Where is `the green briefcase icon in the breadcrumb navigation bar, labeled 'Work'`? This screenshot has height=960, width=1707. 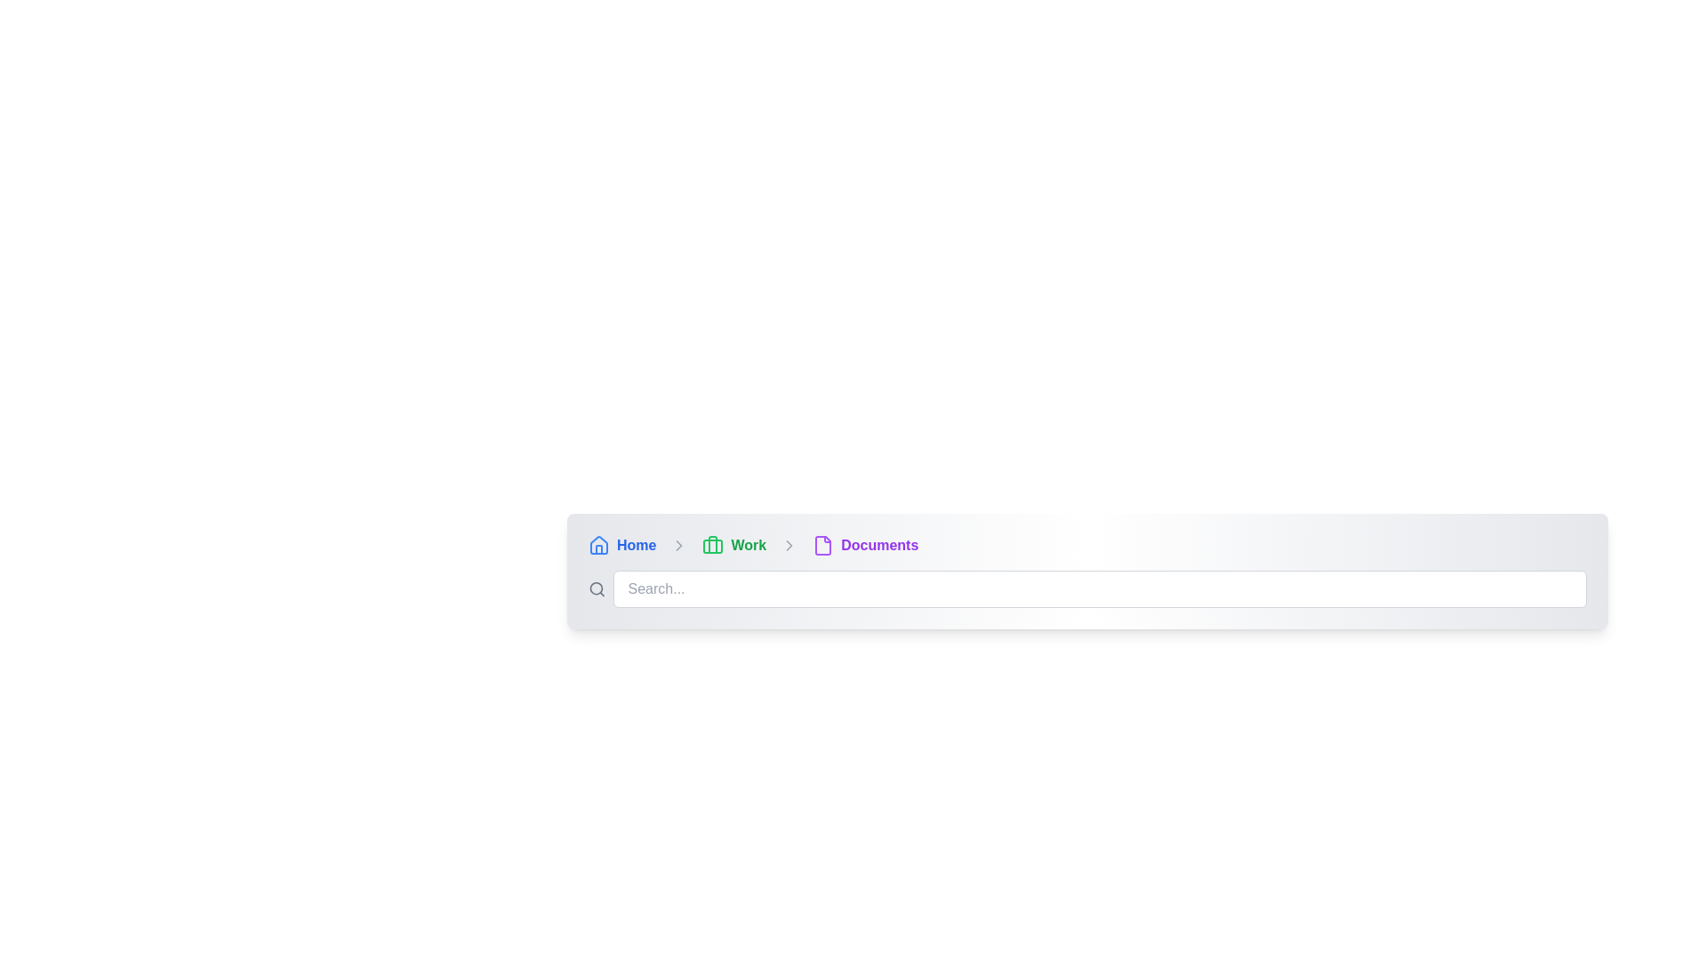
the green briefcase icon in the breadcrumb navigation bar, labeled 'Work' is located at coordinates (713, 545).